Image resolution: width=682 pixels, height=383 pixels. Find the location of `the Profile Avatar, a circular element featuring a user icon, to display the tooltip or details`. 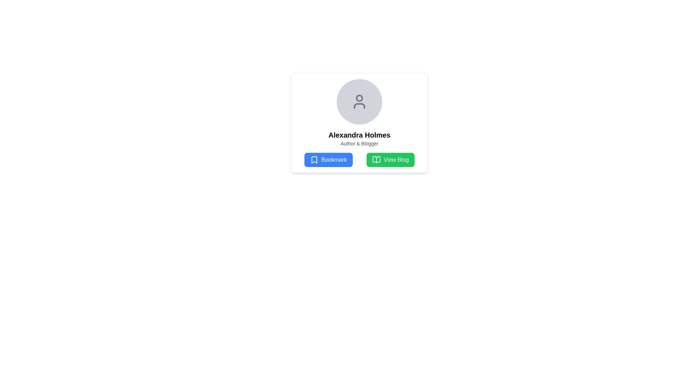

the Profile Avatar, a circular element featuring a user icon, to display the tooltip or details is located at coordinates (359, 101).